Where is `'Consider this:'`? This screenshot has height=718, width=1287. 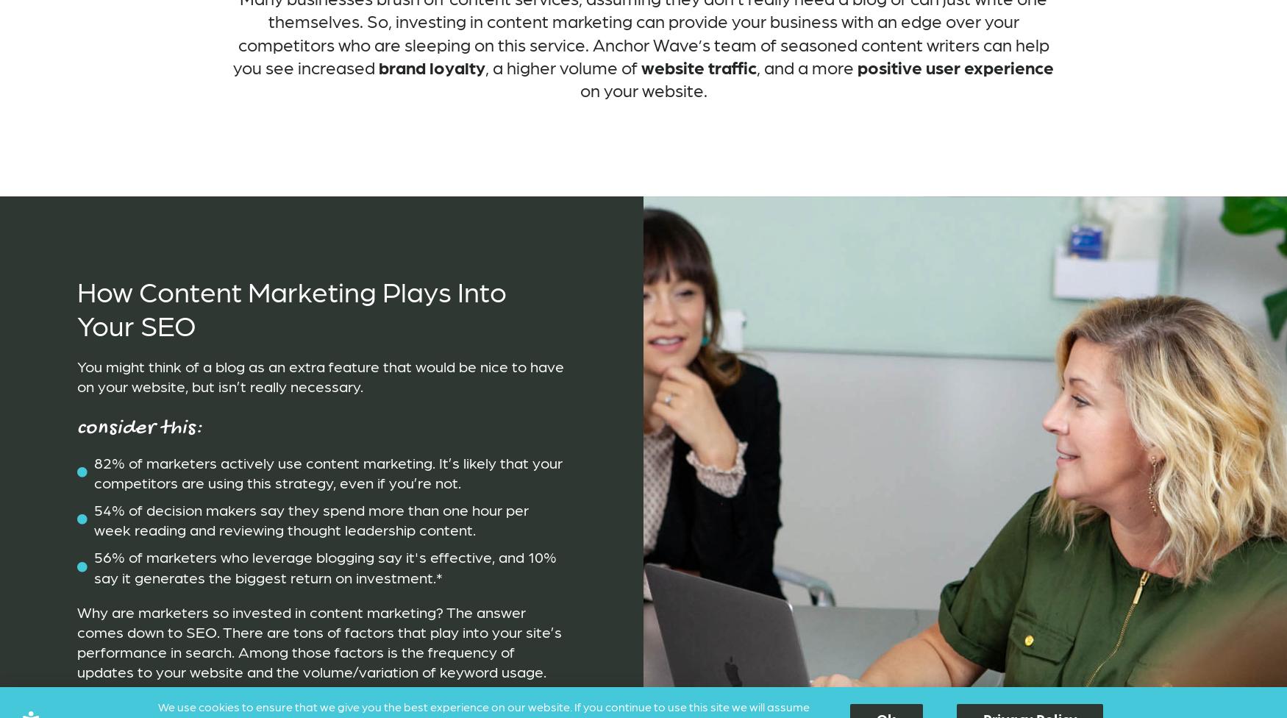 'Consider this:' is located at coordinates (140, 428).